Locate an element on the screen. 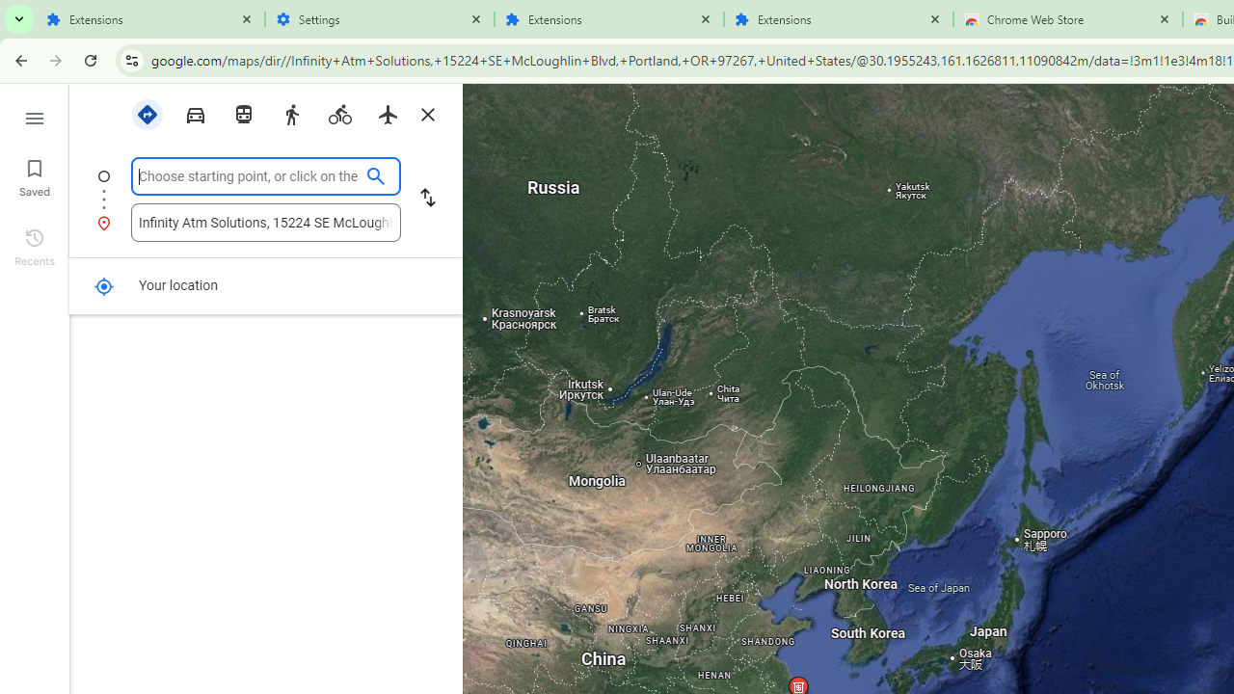  'Transit' is located at coordinates (242, 113).